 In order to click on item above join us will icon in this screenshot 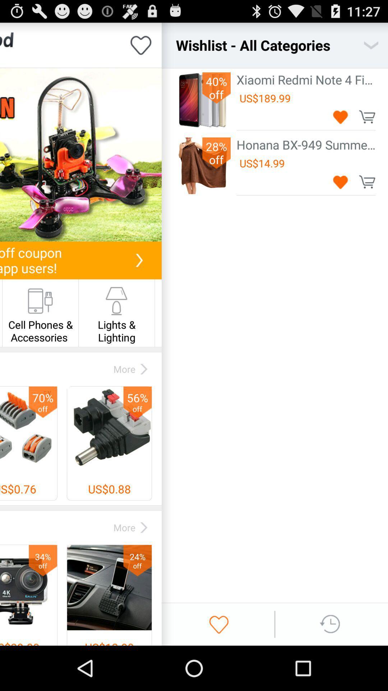, I will do `click(80, 154)`.